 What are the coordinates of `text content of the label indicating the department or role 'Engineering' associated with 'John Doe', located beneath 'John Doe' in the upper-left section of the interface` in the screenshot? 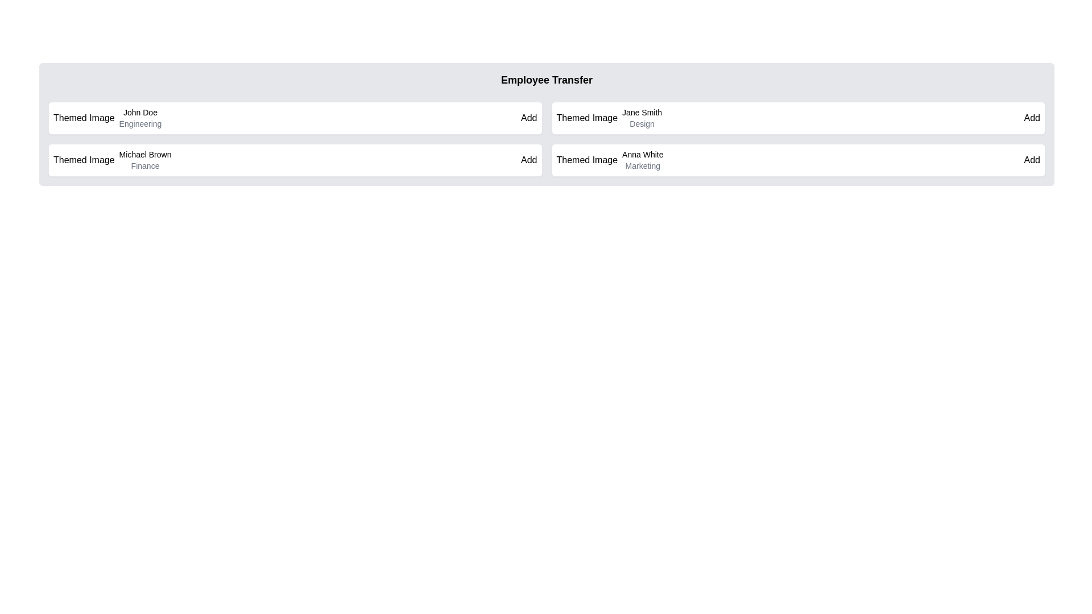 It's located at (139, 124).